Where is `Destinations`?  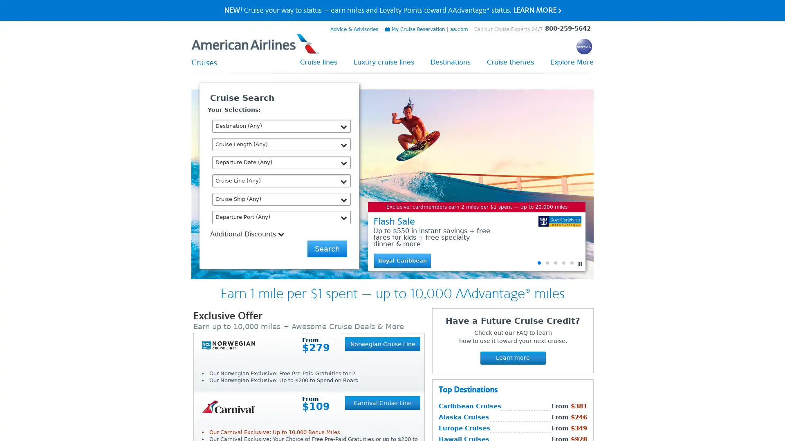 Destinations is located at coordinates (450, 61).